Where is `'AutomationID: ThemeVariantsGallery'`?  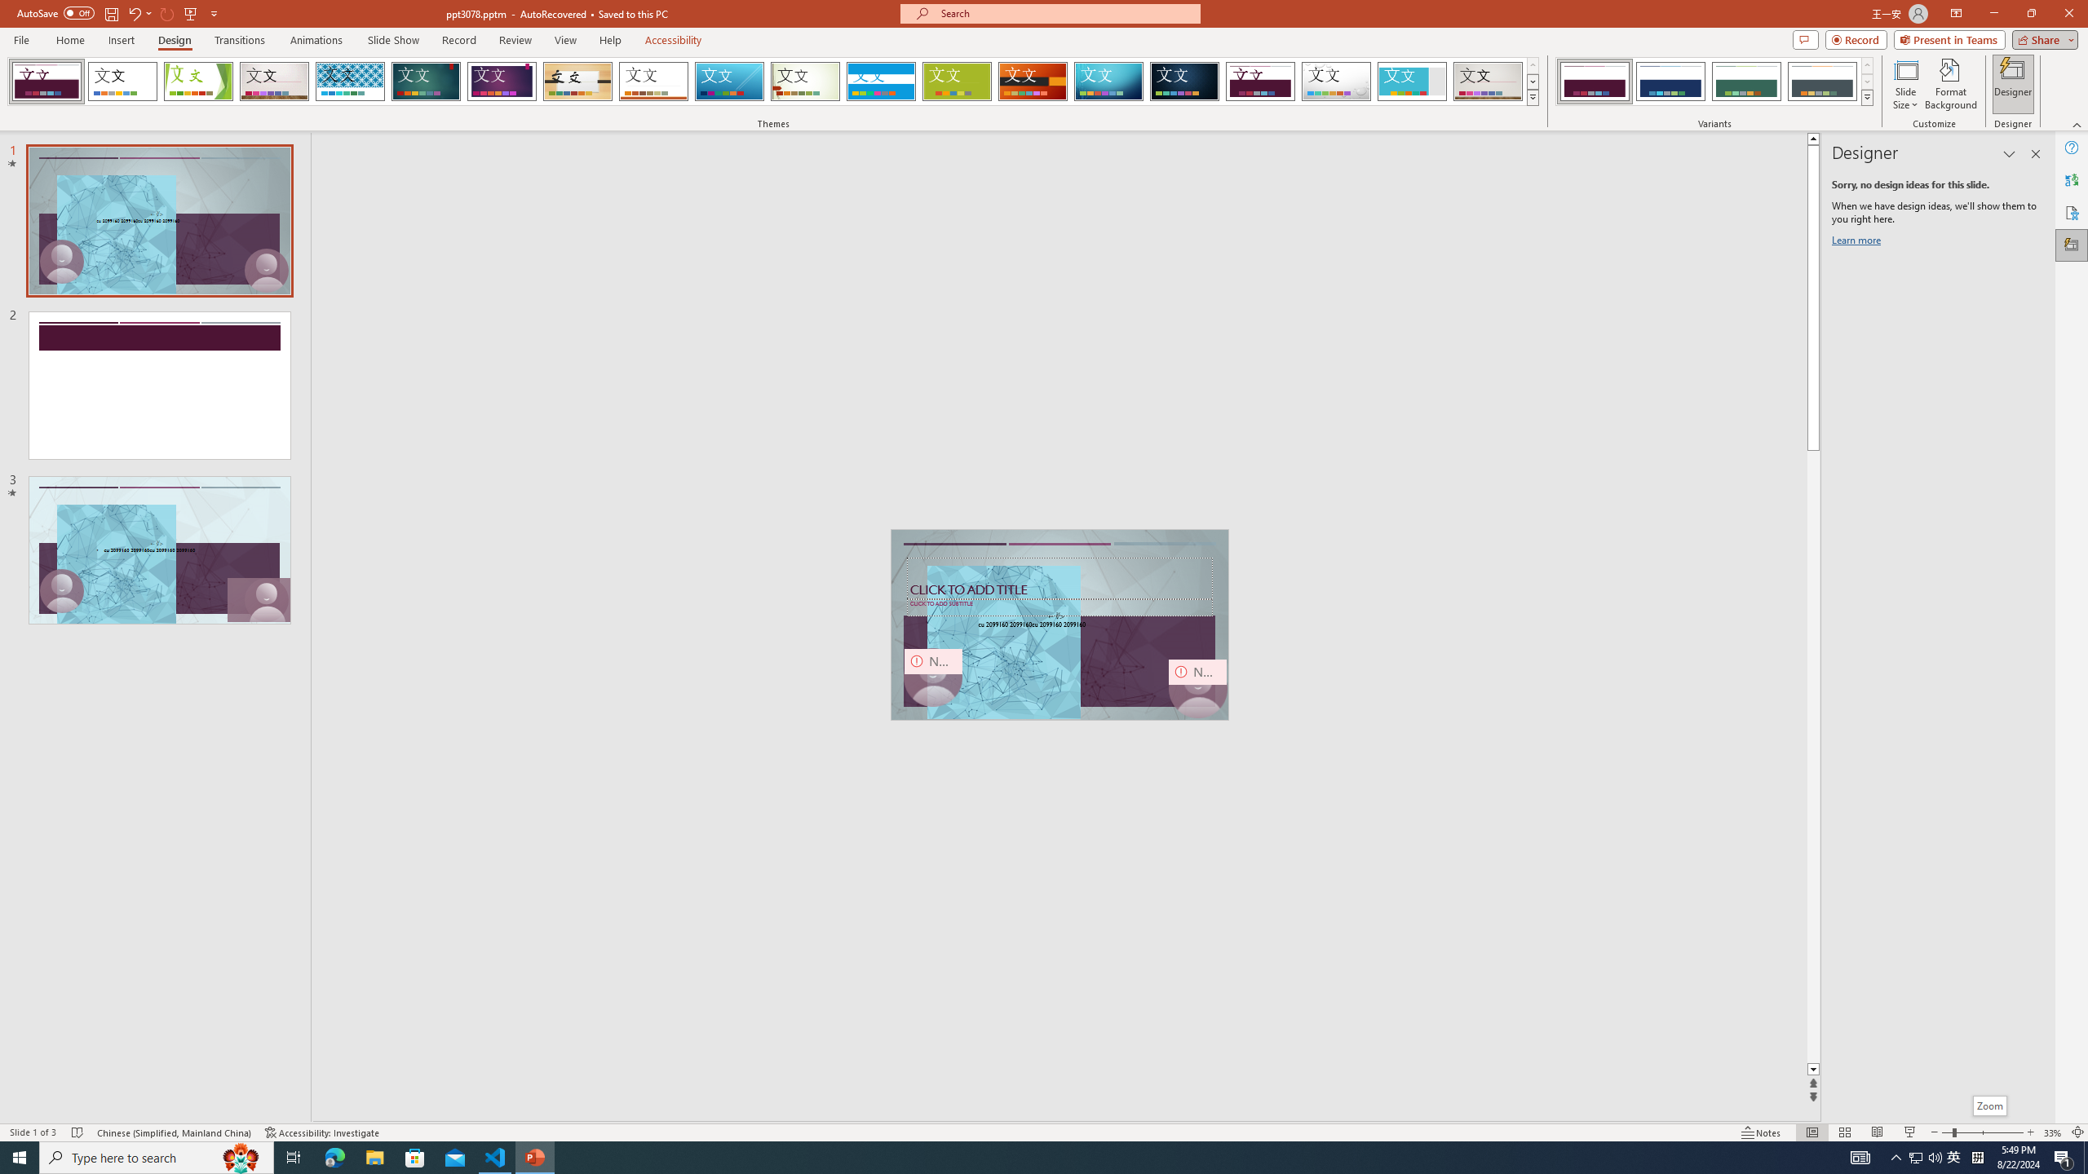 'AutomationID: ThemeVariantsGallery' is located at coordinates (1715, 81).